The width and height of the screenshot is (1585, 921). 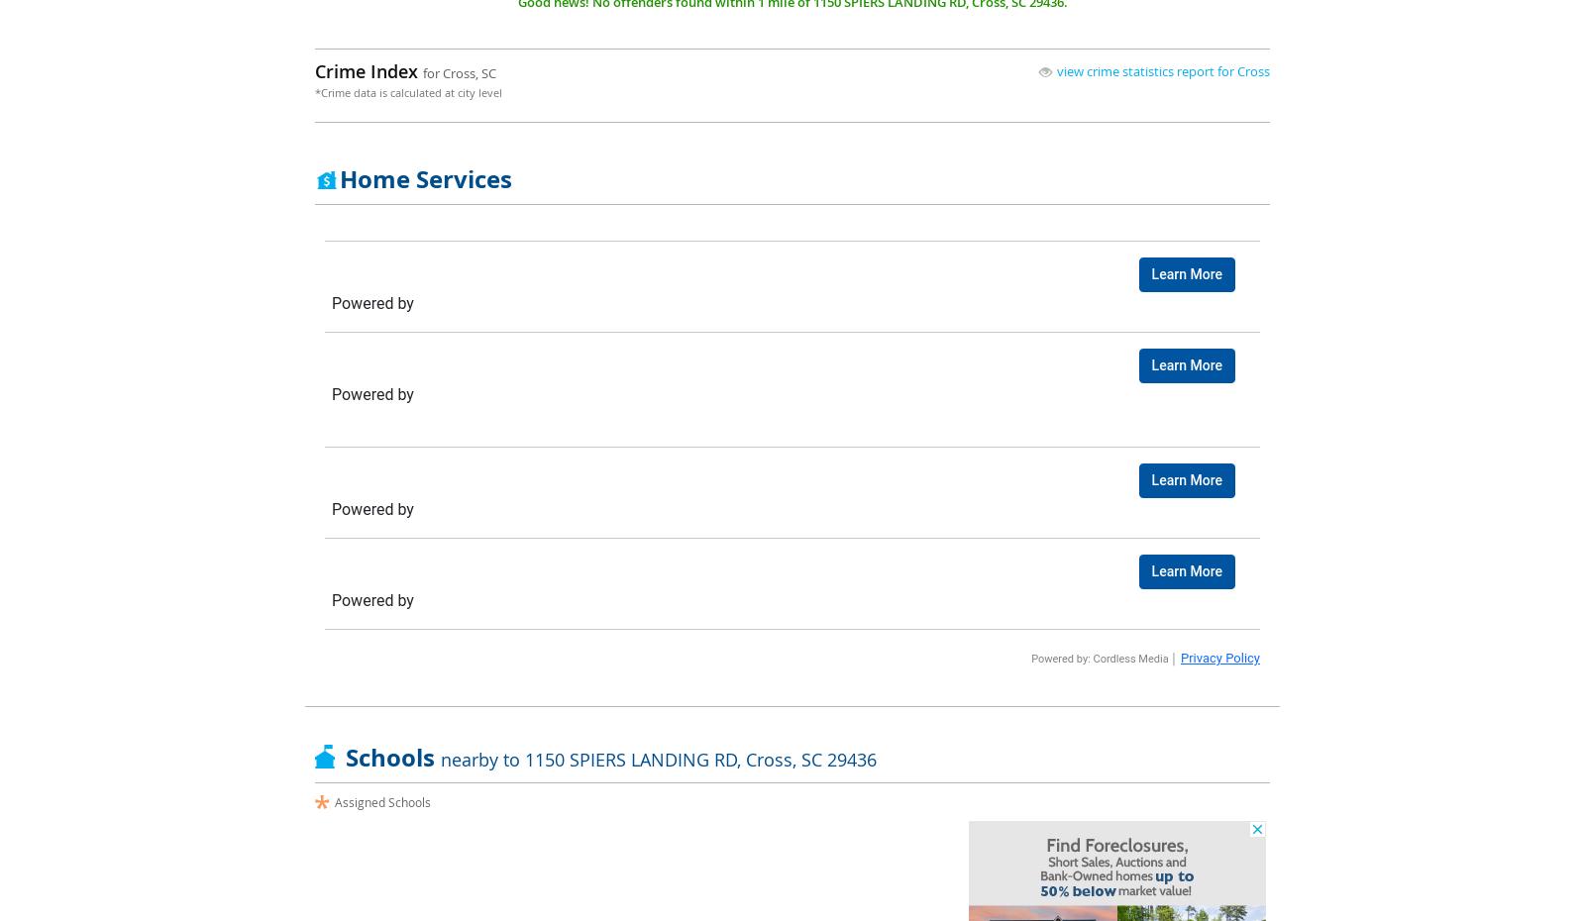 I want to click on 'view crime statistics report for  Cross', so click(x=1057, y=69).